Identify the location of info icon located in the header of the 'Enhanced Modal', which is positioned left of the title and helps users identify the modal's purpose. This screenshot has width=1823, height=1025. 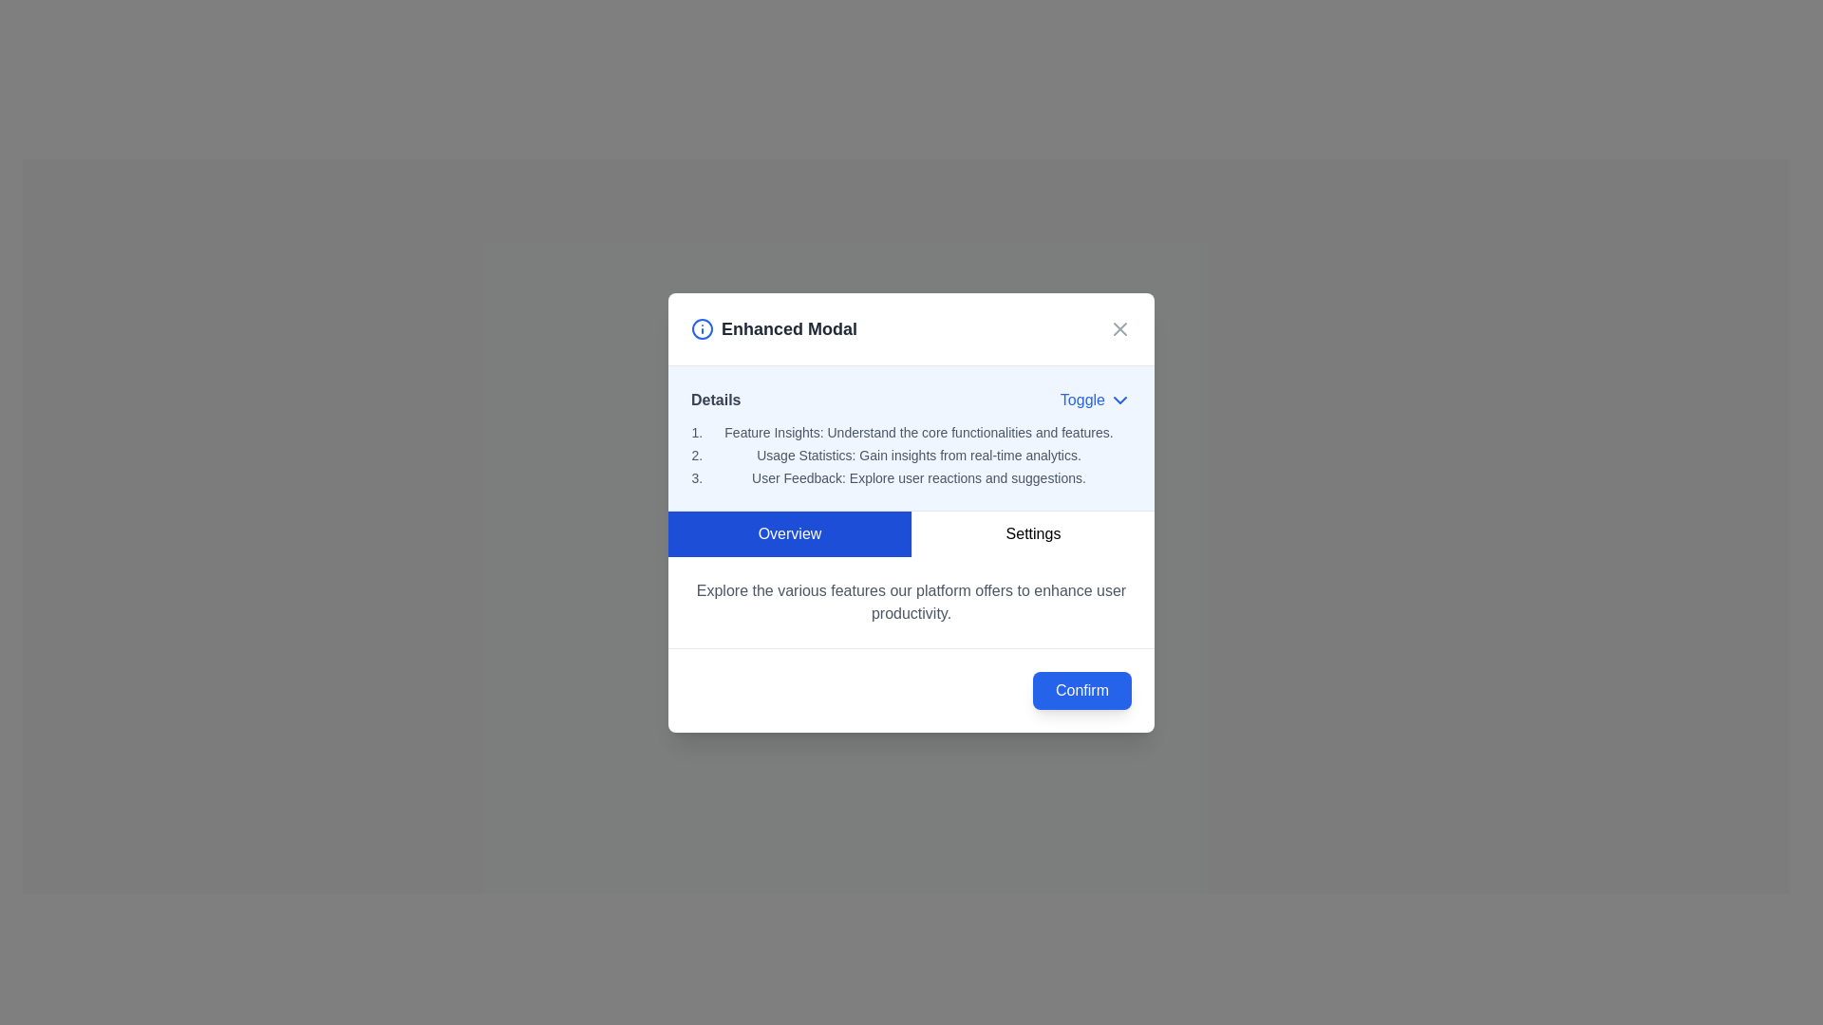
(911, 328).